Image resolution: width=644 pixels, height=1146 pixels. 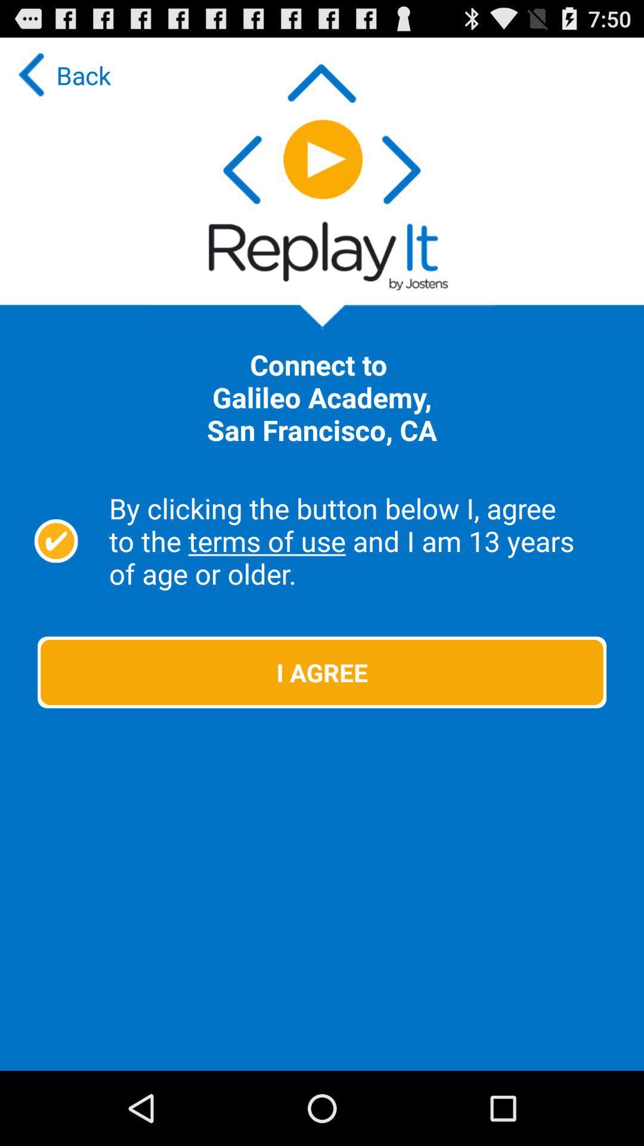 What do you see at coordinates (56, 540) in the screenshot?
I see `the icon above the i agree` at bounding box center [56, 540].